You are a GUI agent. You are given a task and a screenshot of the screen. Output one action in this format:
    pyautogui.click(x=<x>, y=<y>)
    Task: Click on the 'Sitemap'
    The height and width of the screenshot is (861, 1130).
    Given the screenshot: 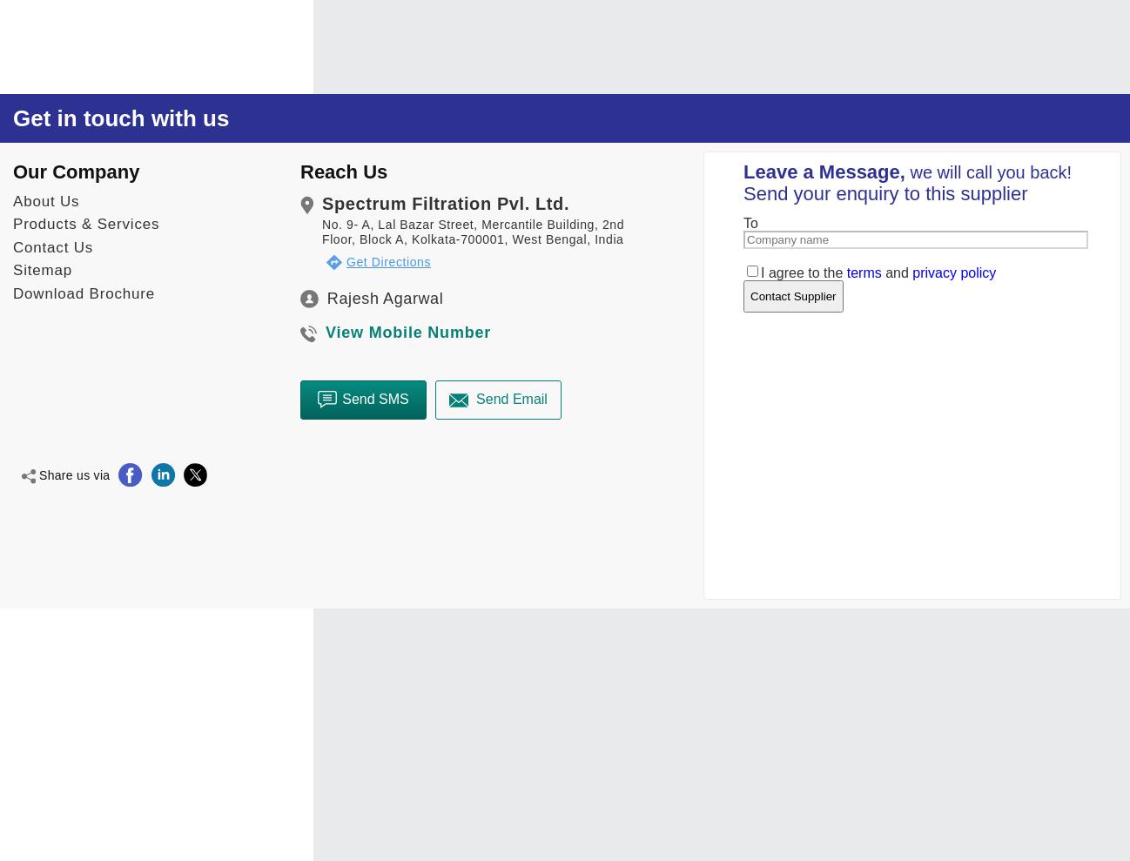 What is the action you would take?
    pyautogui.click(x=12, y=270)
    